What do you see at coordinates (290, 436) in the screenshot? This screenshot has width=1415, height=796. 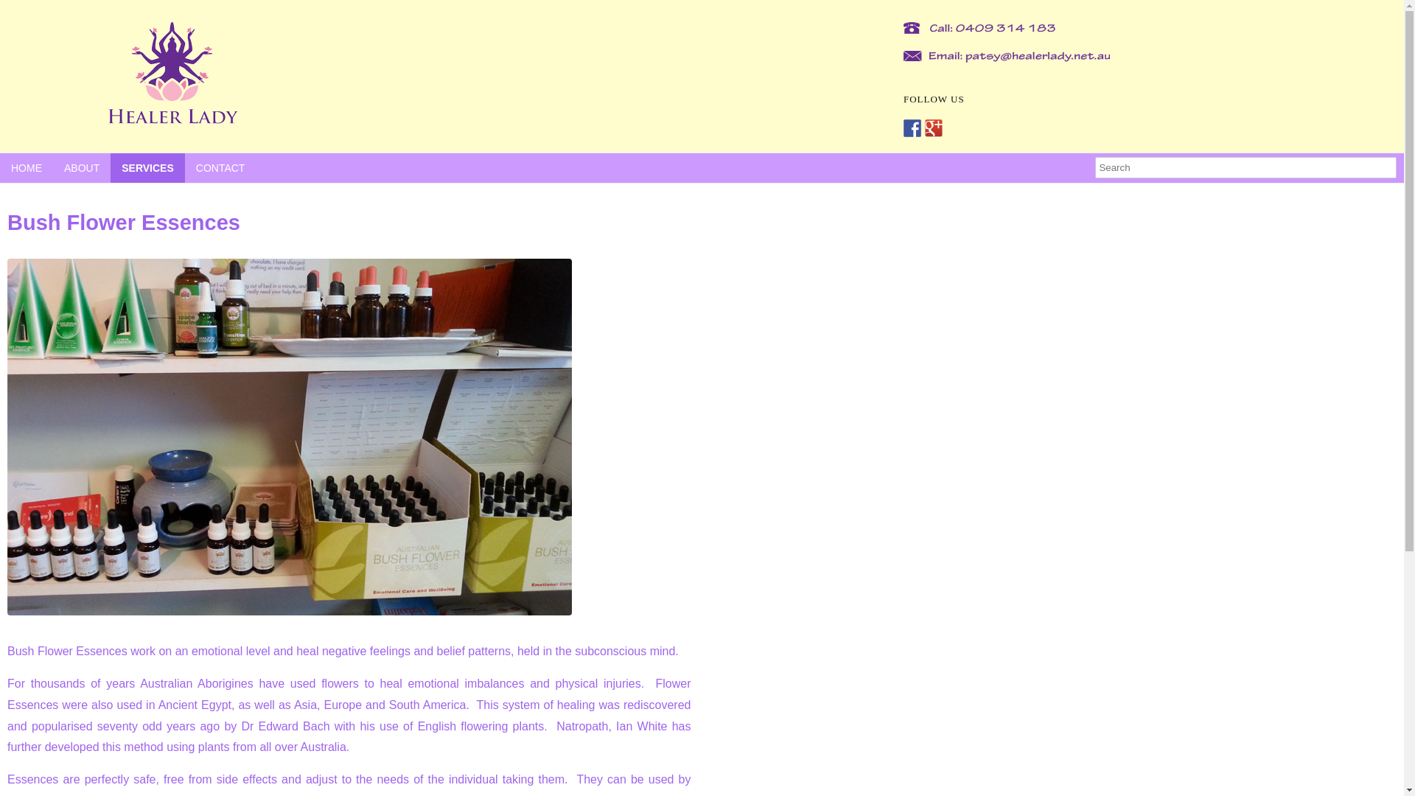 I see `'Bush Flower Essences'` at bounding box center [290, 436].